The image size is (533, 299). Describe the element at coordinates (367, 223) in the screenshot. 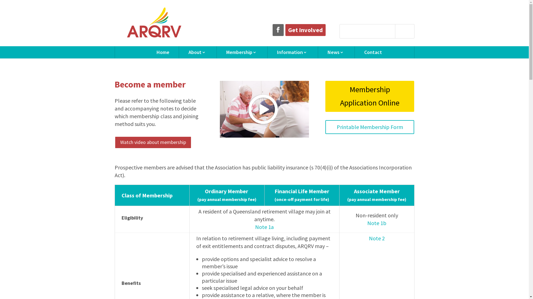

I see `'Note 1b'` at that location.